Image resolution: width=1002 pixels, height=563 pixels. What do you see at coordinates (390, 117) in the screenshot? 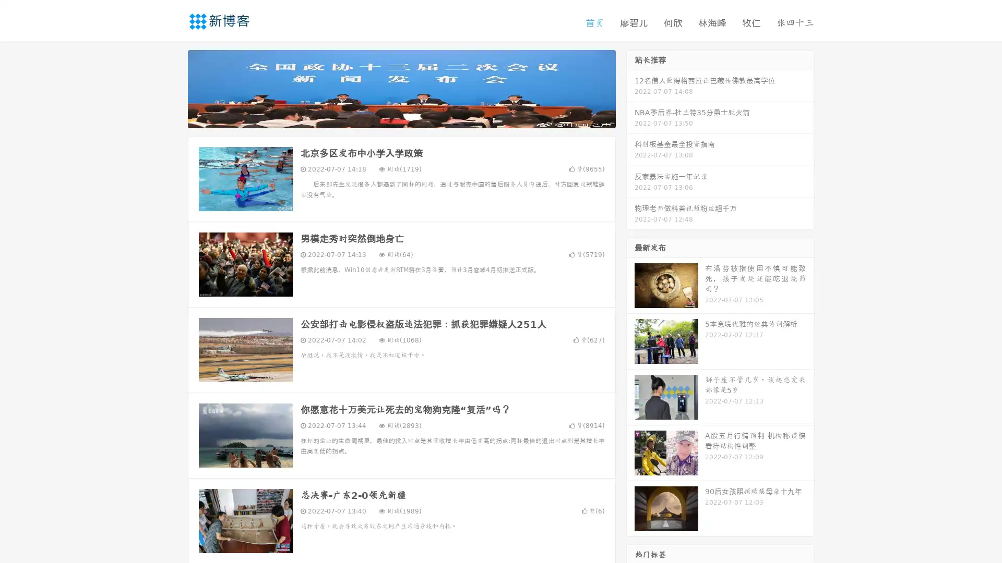
I see `Go to slide 1` at bounding box center [390, 117].